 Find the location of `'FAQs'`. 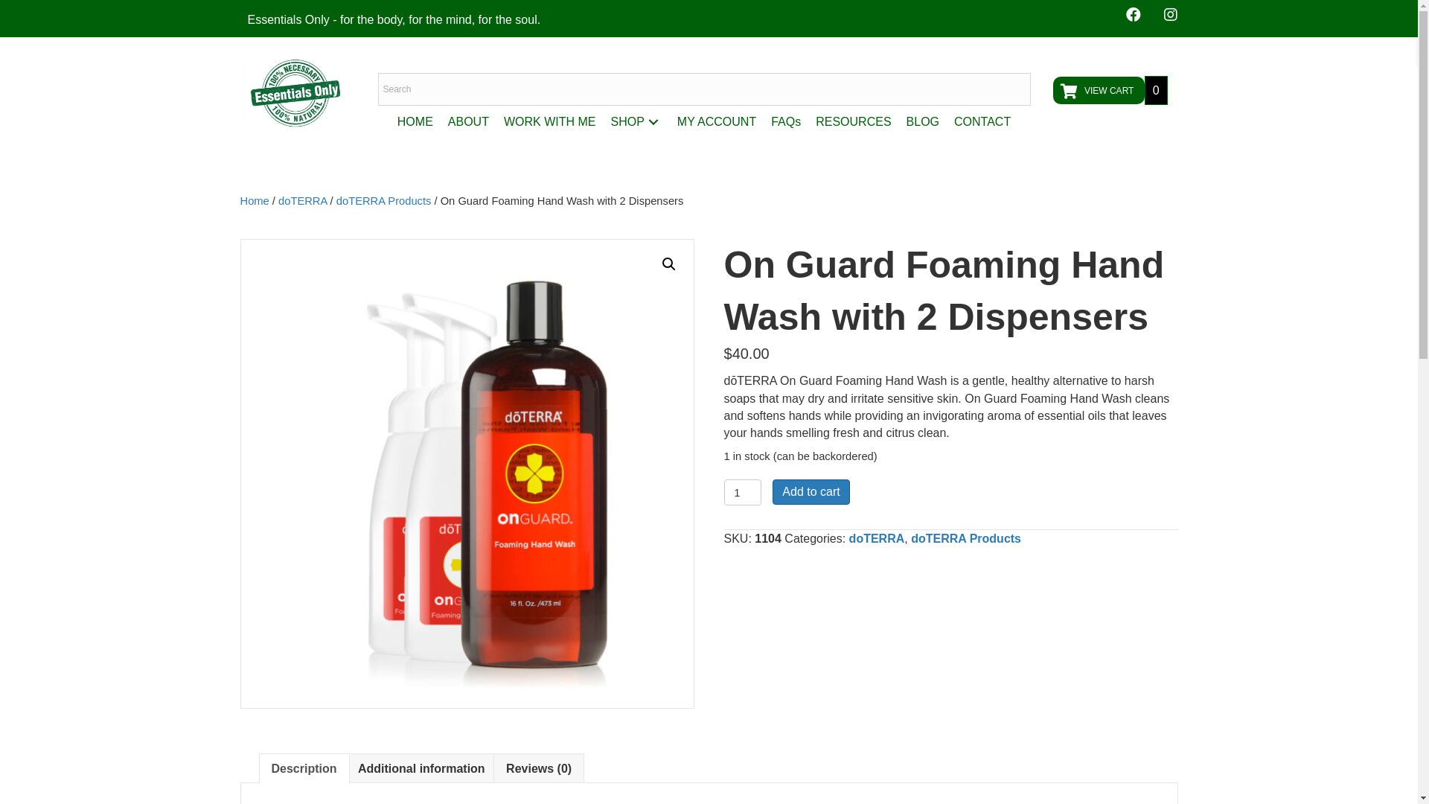

'FAQs' is located at coordinates (764, 121).